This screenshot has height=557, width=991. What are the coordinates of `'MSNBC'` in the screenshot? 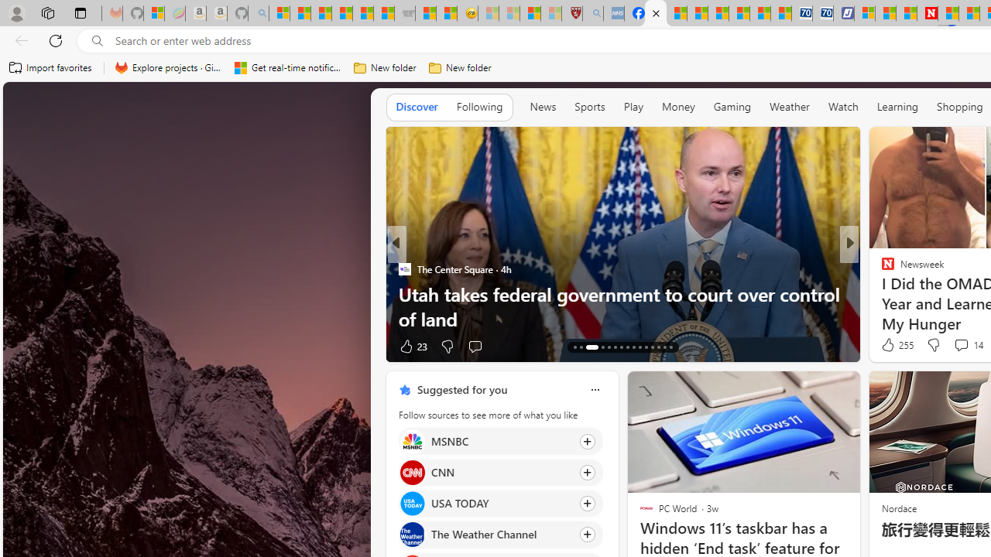 It's located at (412, 441).